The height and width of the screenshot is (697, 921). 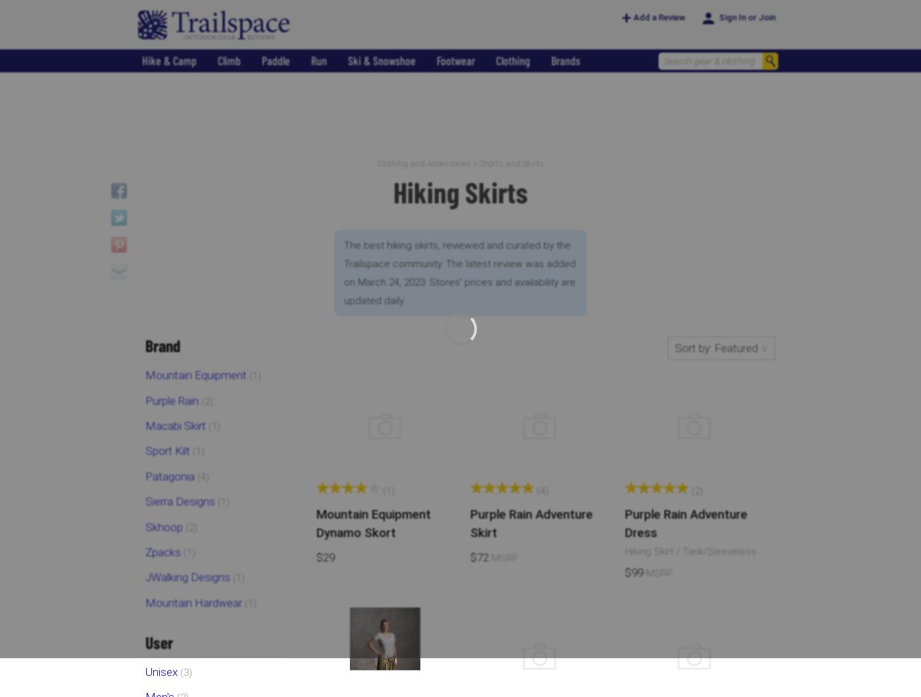 I want to click on 'Clothing and Accessories', so click(x=424, y=163).